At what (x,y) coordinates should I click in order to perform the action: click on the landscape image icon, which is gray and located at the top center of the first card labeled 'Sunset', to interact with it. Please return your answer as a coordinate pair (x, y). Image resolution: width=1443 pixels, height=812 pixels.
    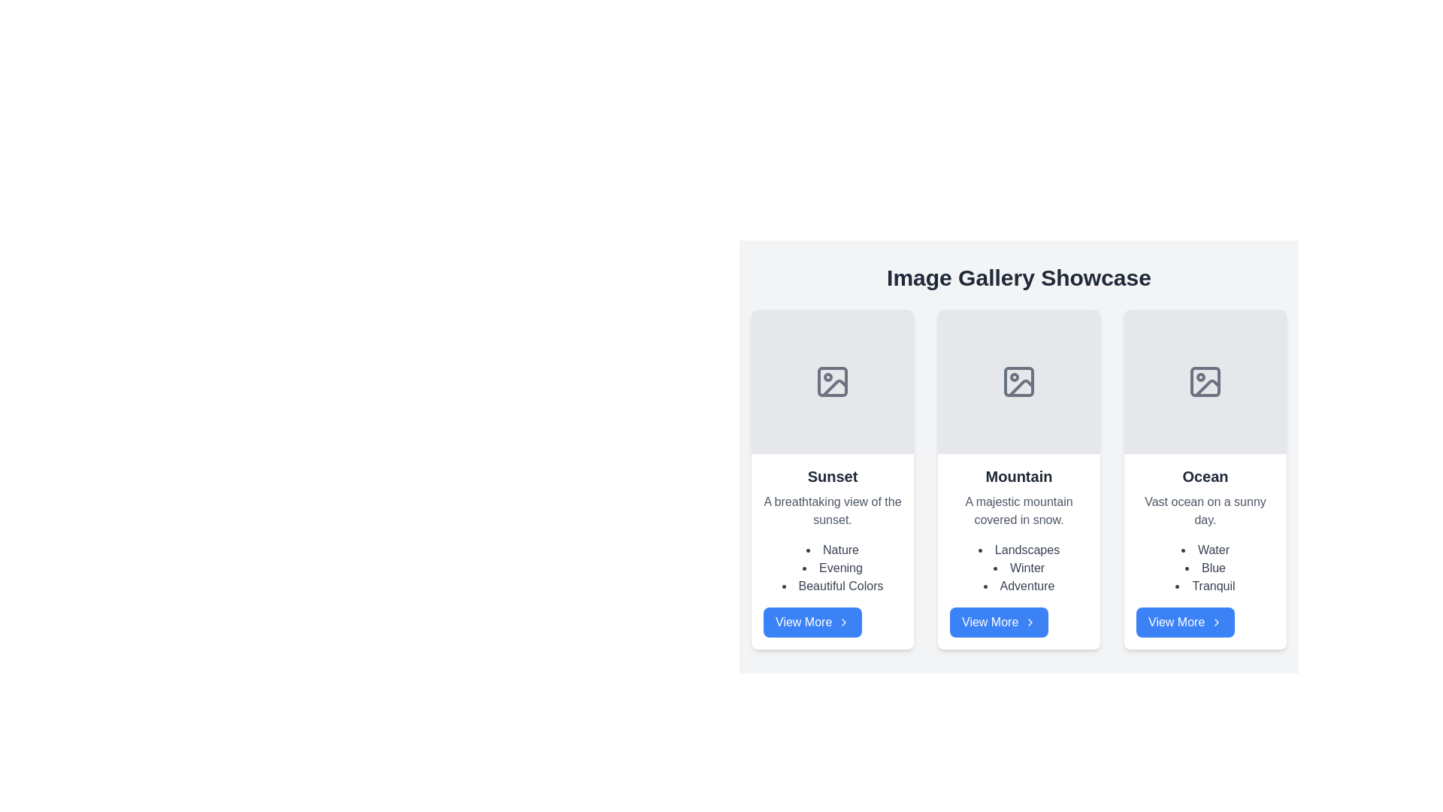
    Looking at the image, I should click on (832, 381).